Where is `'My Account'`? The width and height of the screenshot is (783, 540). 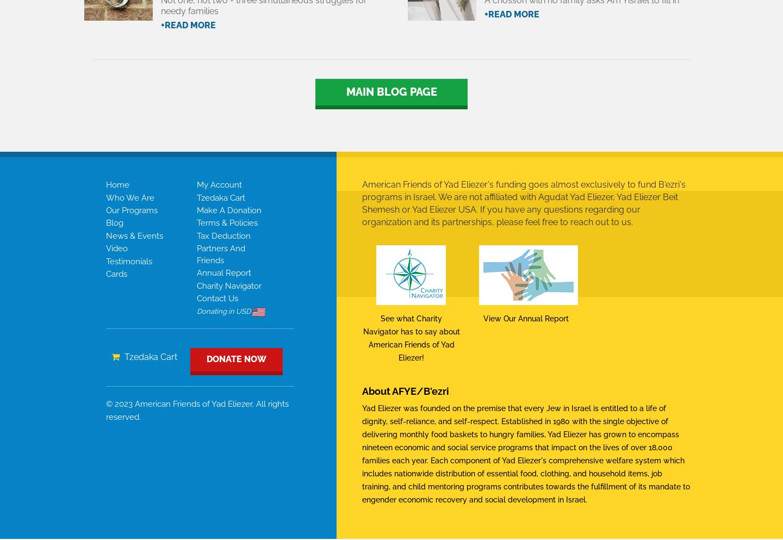 'My Account' is located at coordinates (218, 184).